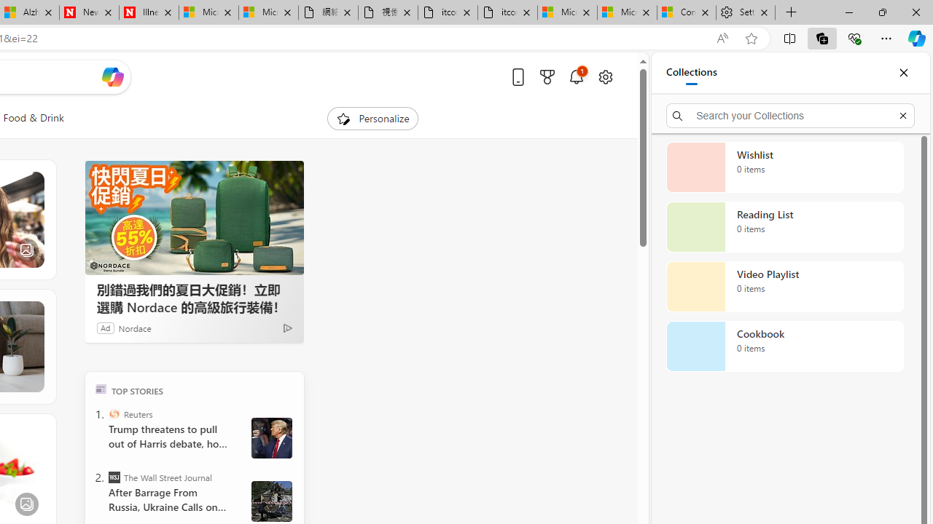  Describe the element at coordinates (686, 12) in the screenshot. I see `'Consumer Health Data Privacy Policy'` at that location.